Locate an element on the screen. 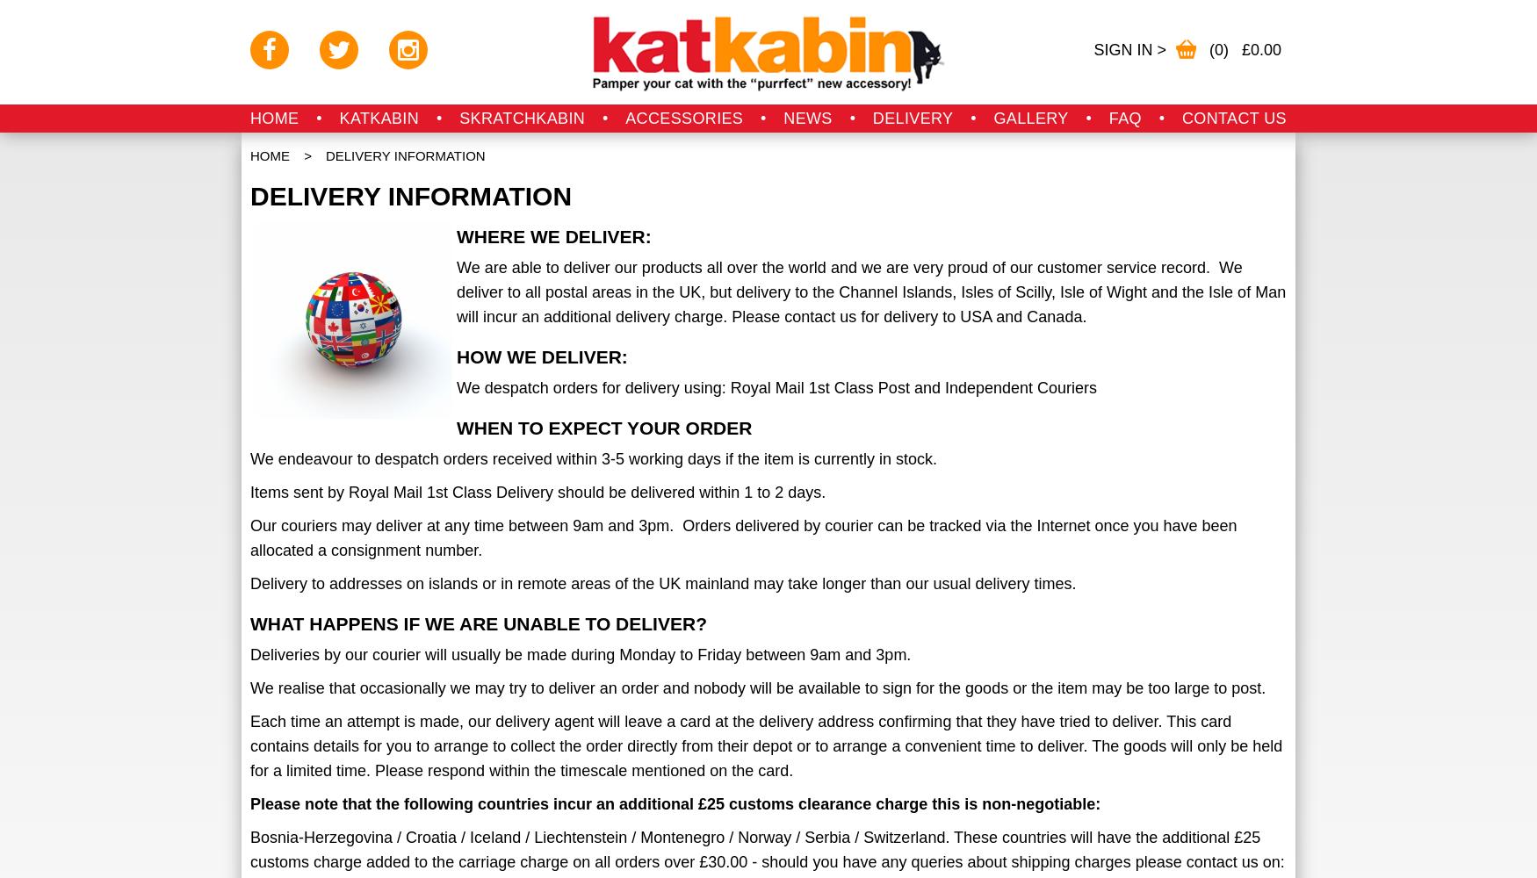 This screenshot has width=1537, height=878. 'SkratchKabin' is located at coordinates (522, 119).